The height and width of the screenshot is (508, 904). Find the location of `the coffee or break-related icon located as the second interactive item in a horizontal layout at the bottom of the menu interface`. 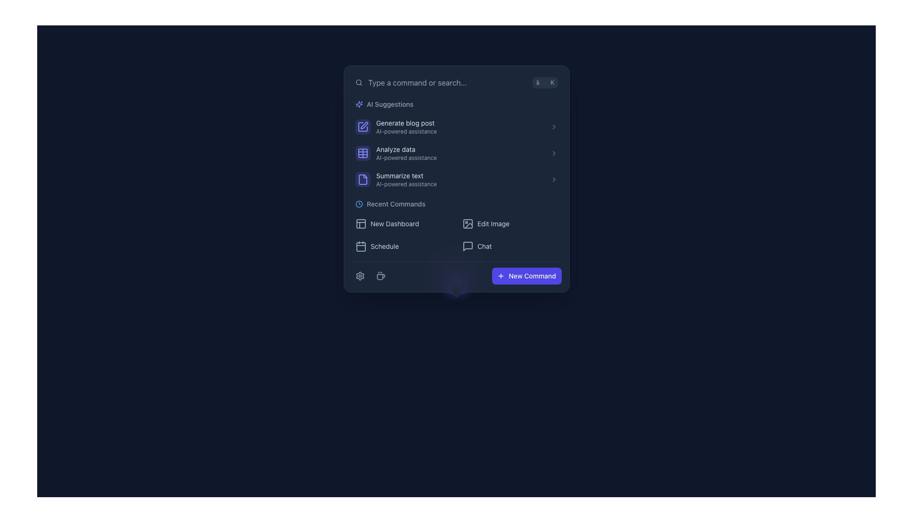

the coffee or break-related icon located as the second interactive item in a horizontal layout at the bottom of the menu interface is located at coordinates (380, 275).